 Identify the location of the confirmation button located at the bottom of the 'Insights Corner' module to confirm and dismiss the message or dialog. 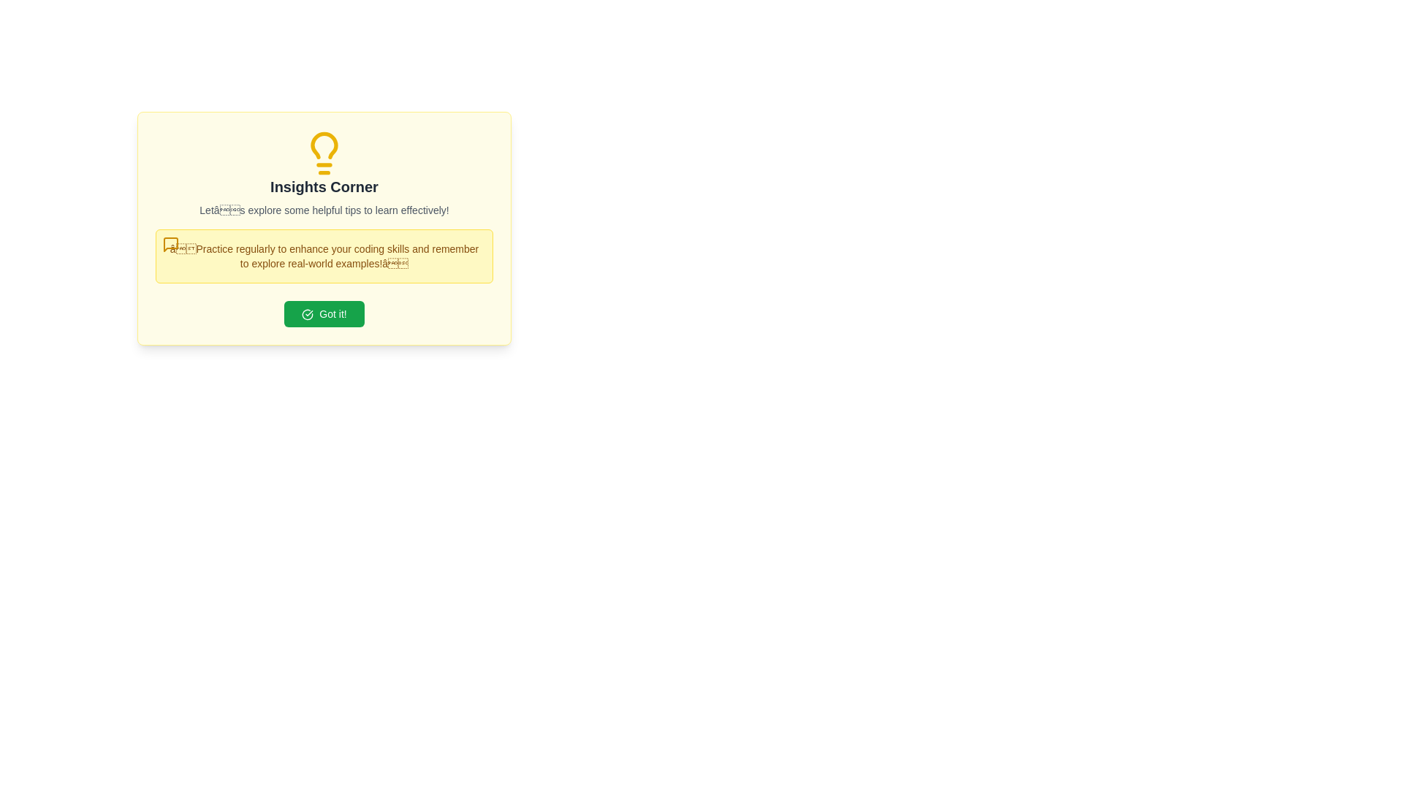
(323, 313).